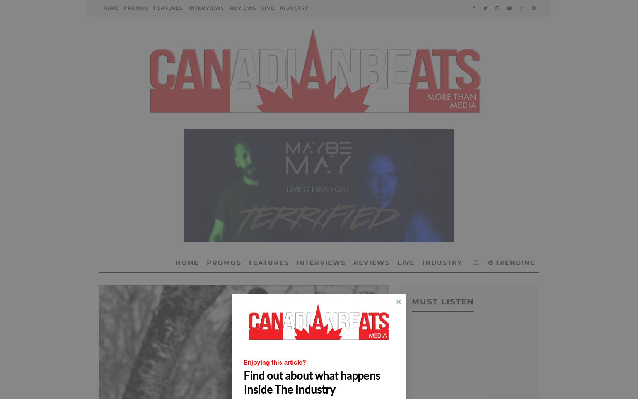 This screenshot has width=638, height=399. What do you see at coordinates (270, 56) in the screenshot?
I see `'Shows'` at bounding box center [270, 56].